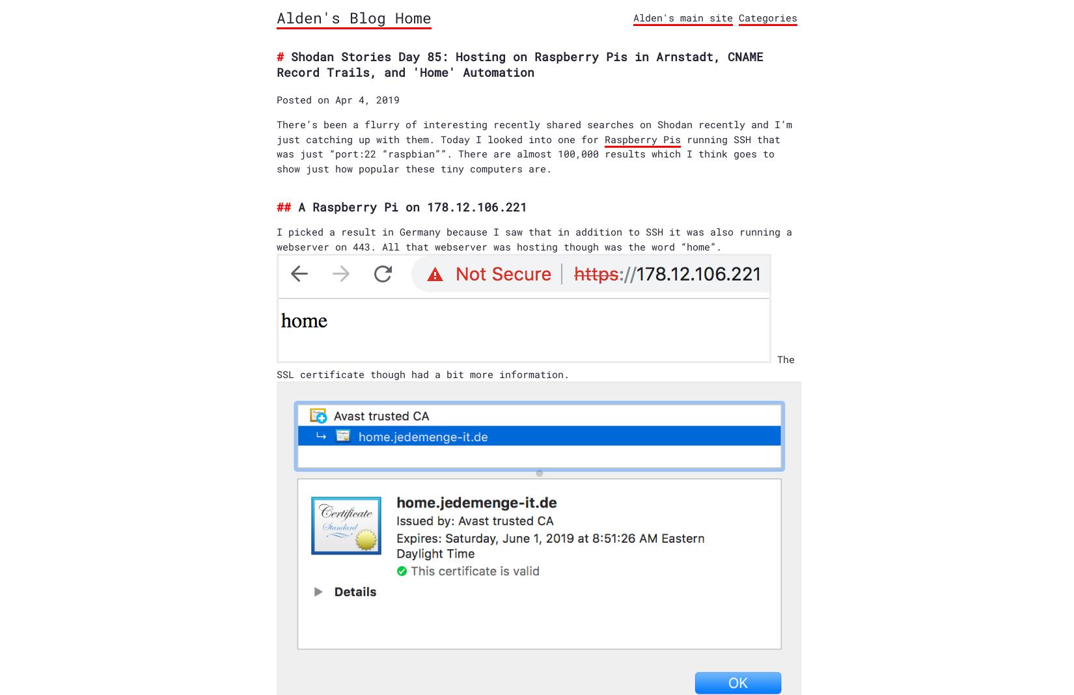  What do you see at coordinates (276, 131) in the screenshot?
I see `'There’s been a flurry of interesting recently shared searches on Shodan recently and I’m just catching up with them. Today I looked into one for'` at bounding box center [276, 131].